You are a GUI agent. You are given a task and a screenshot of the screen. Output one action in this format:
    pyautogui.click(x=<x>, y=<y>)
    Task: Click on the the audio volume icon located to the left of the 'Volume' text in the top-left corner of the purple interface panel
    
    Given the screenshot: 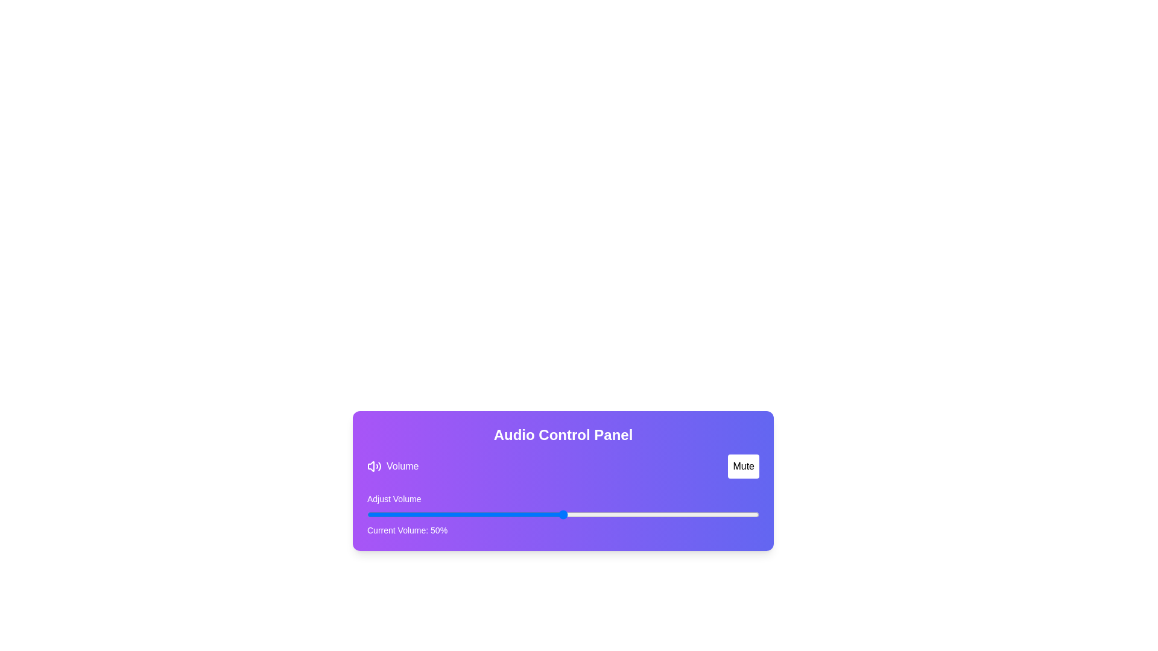 What is the action you would take?
    pyautogui.click(x=373, y=466)
    